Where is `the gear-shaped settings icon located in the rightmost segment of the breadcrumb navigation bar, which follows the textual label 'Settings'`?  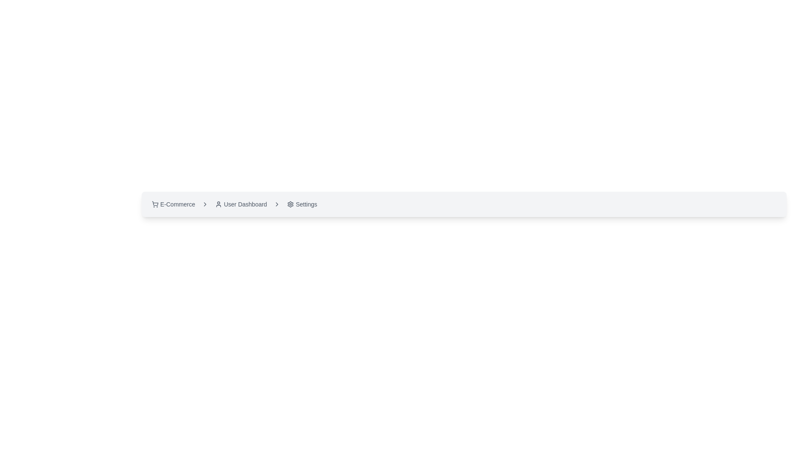 the gear-shaped settings icon located in the rightmost segment of the breadcrumb navigation bar, which follows the textual label 'Settings' is located at coordinates (291, 204).